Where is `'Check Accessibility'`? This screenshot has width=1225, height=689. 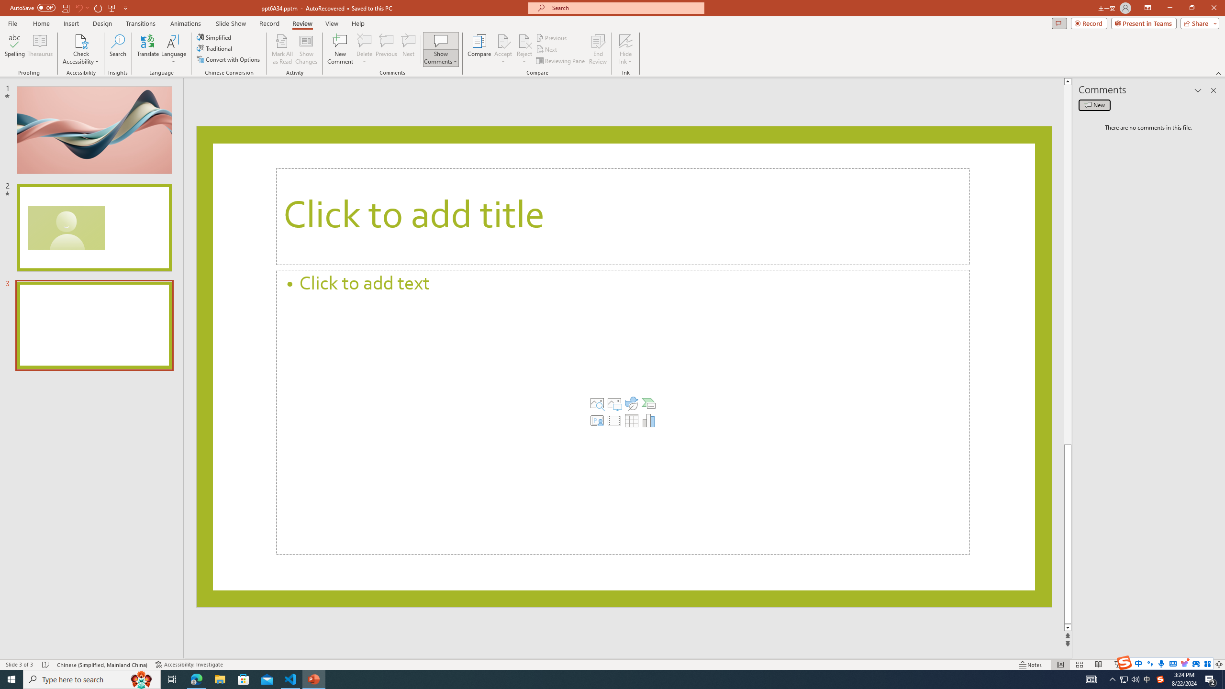 'Check Accessibility' is located at coordinates (80, 49).